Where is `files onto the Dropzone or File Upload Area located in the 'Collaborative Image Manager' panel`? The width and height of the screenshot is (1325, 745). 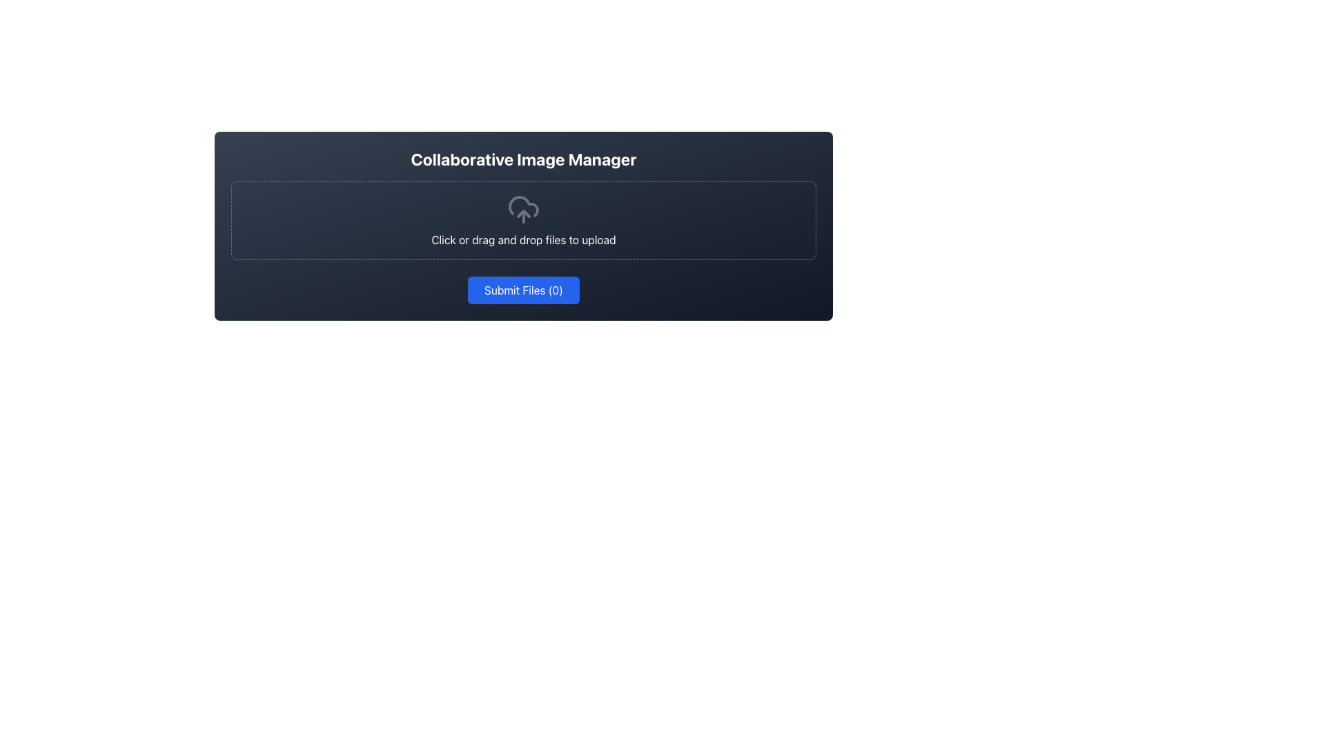
files onto the Dropzone or File Upload Area located in the 'Collaborative Image Manager' panel is located at coordinates (522, 220).